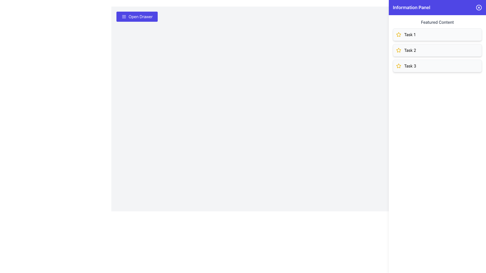 This screenshot has height=273, width=486. I want to click on the 'Featured Content' label, which is styled with a medium bold font and gray color, located at the top of the sidebar labeled 'Information Panel', so click(437, 22).